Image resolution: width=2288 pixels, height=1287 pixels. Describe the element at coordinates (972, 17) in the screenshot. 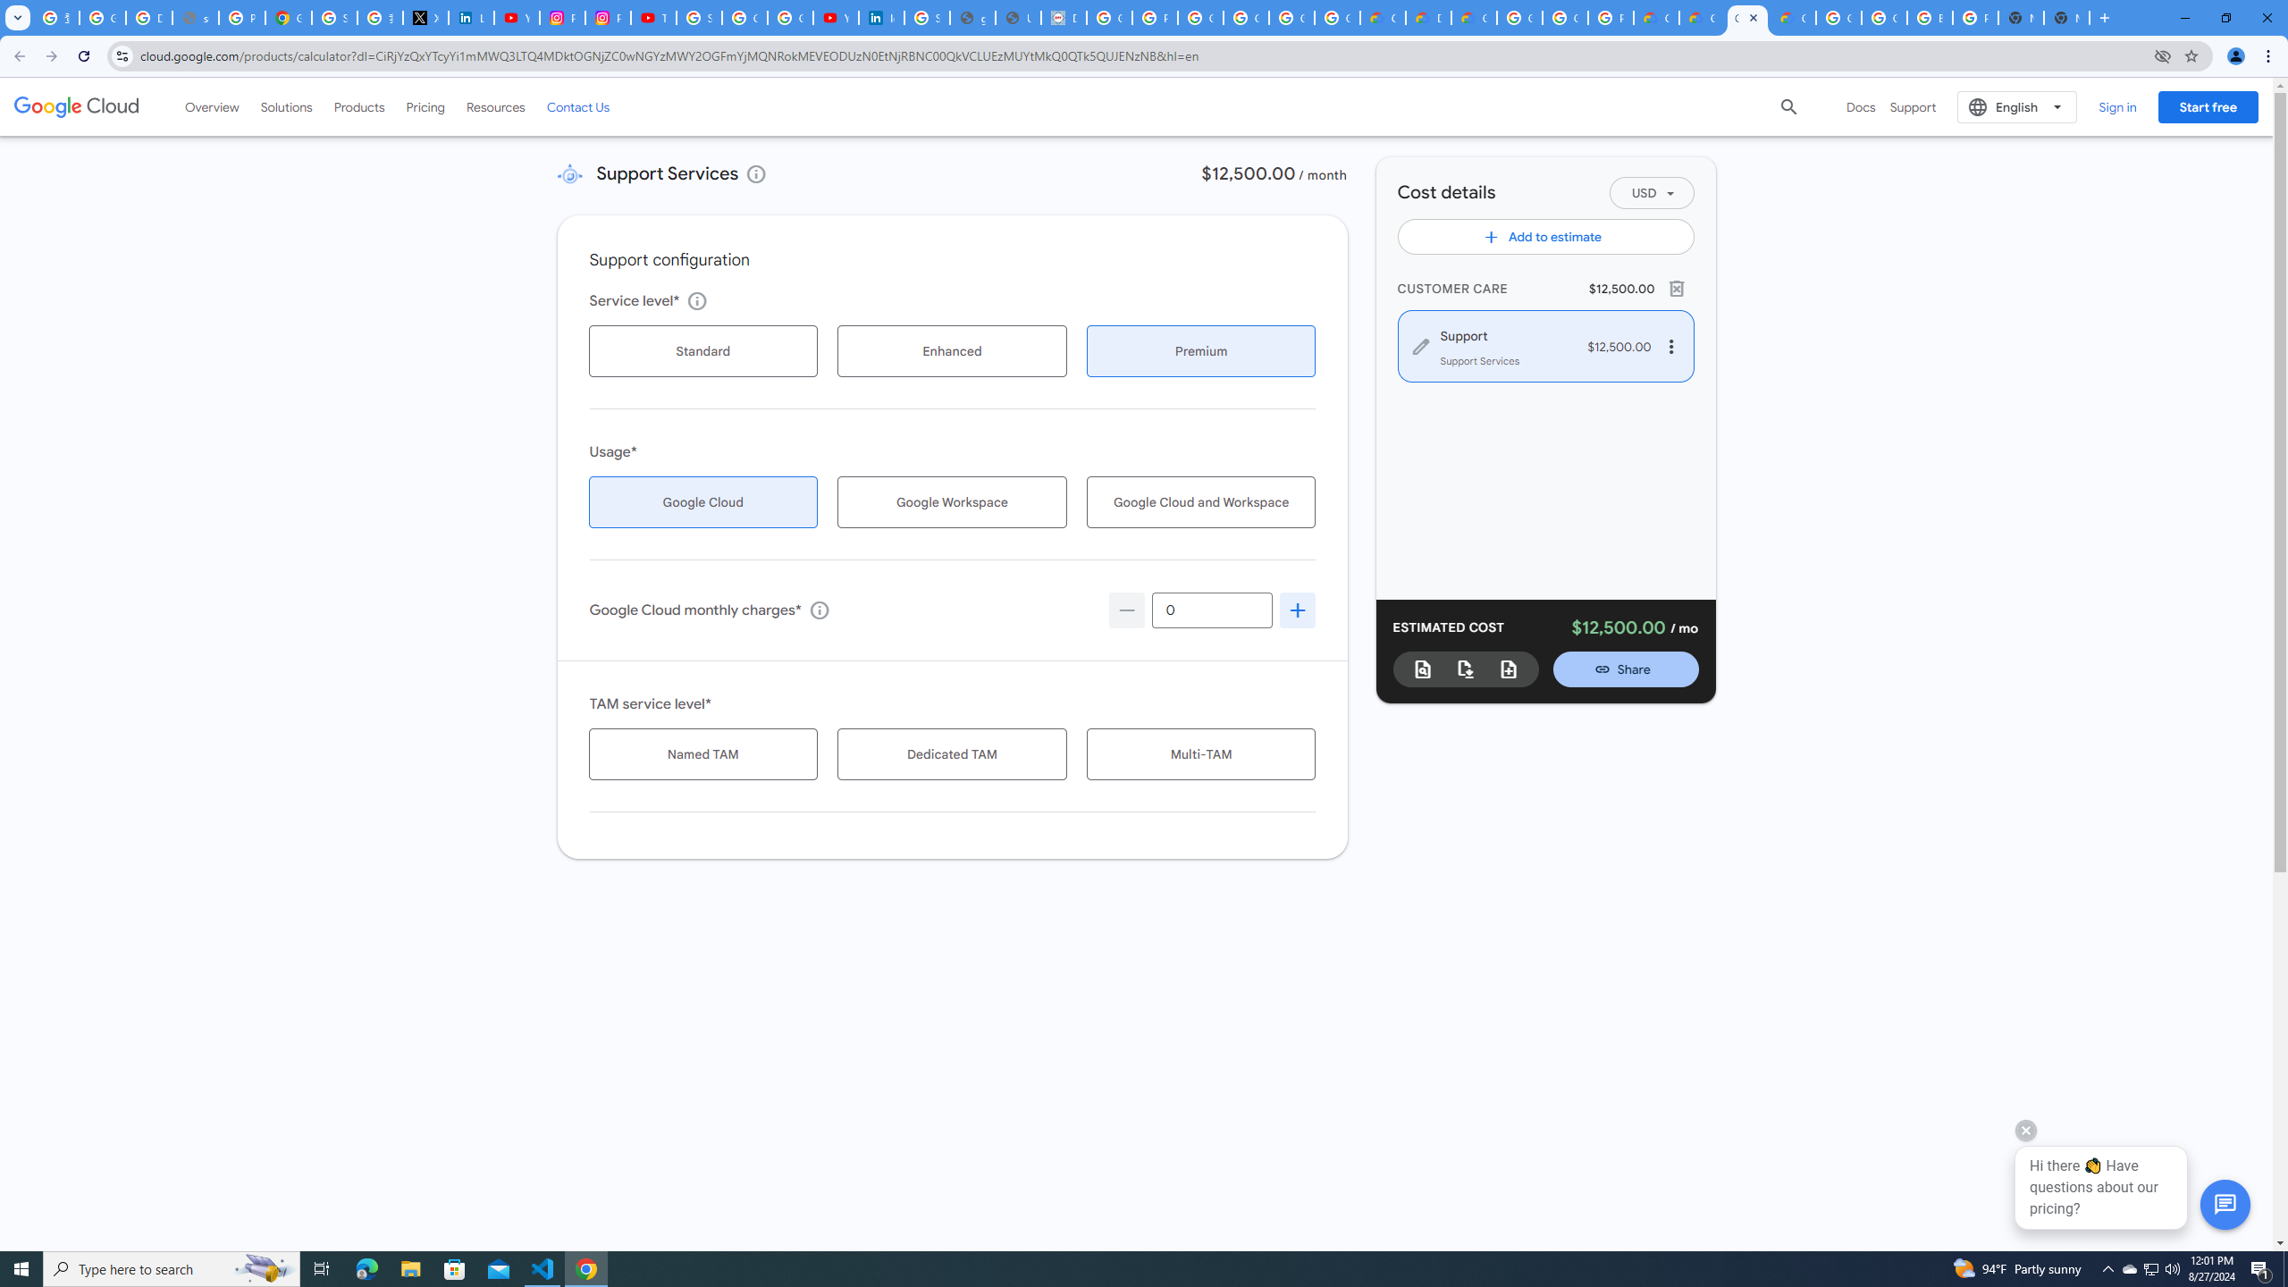

I see `'google_privacy_policy_en.pdf'` at that location.